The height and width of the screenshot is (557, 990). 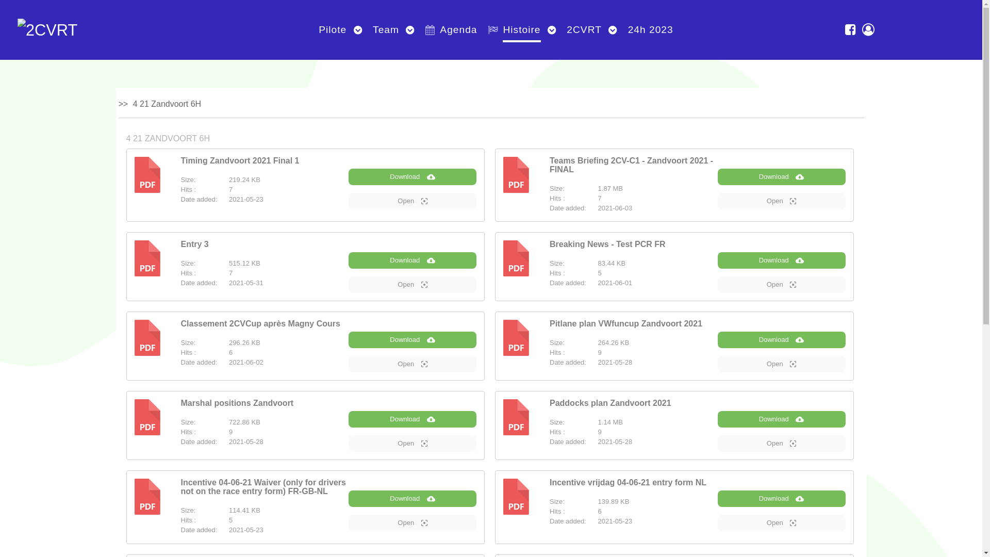 I want to click on 'Pitlane plan VWfuncup Zandvoort 2021', so click(x=625, y=323).